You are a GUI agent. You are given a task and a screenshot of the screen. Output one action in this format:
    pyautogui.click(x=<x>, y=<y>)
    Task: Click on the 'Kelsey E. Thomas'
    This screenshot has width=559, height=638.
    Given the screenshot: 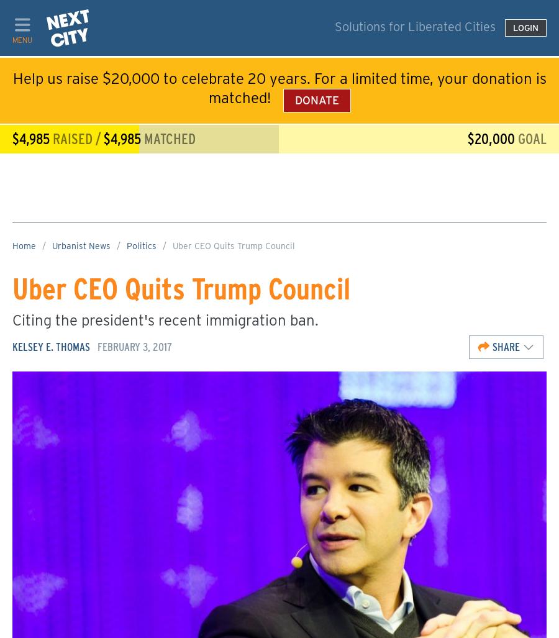 What is the action you would take?
    pyautogui.click(x=50, y=346)
    